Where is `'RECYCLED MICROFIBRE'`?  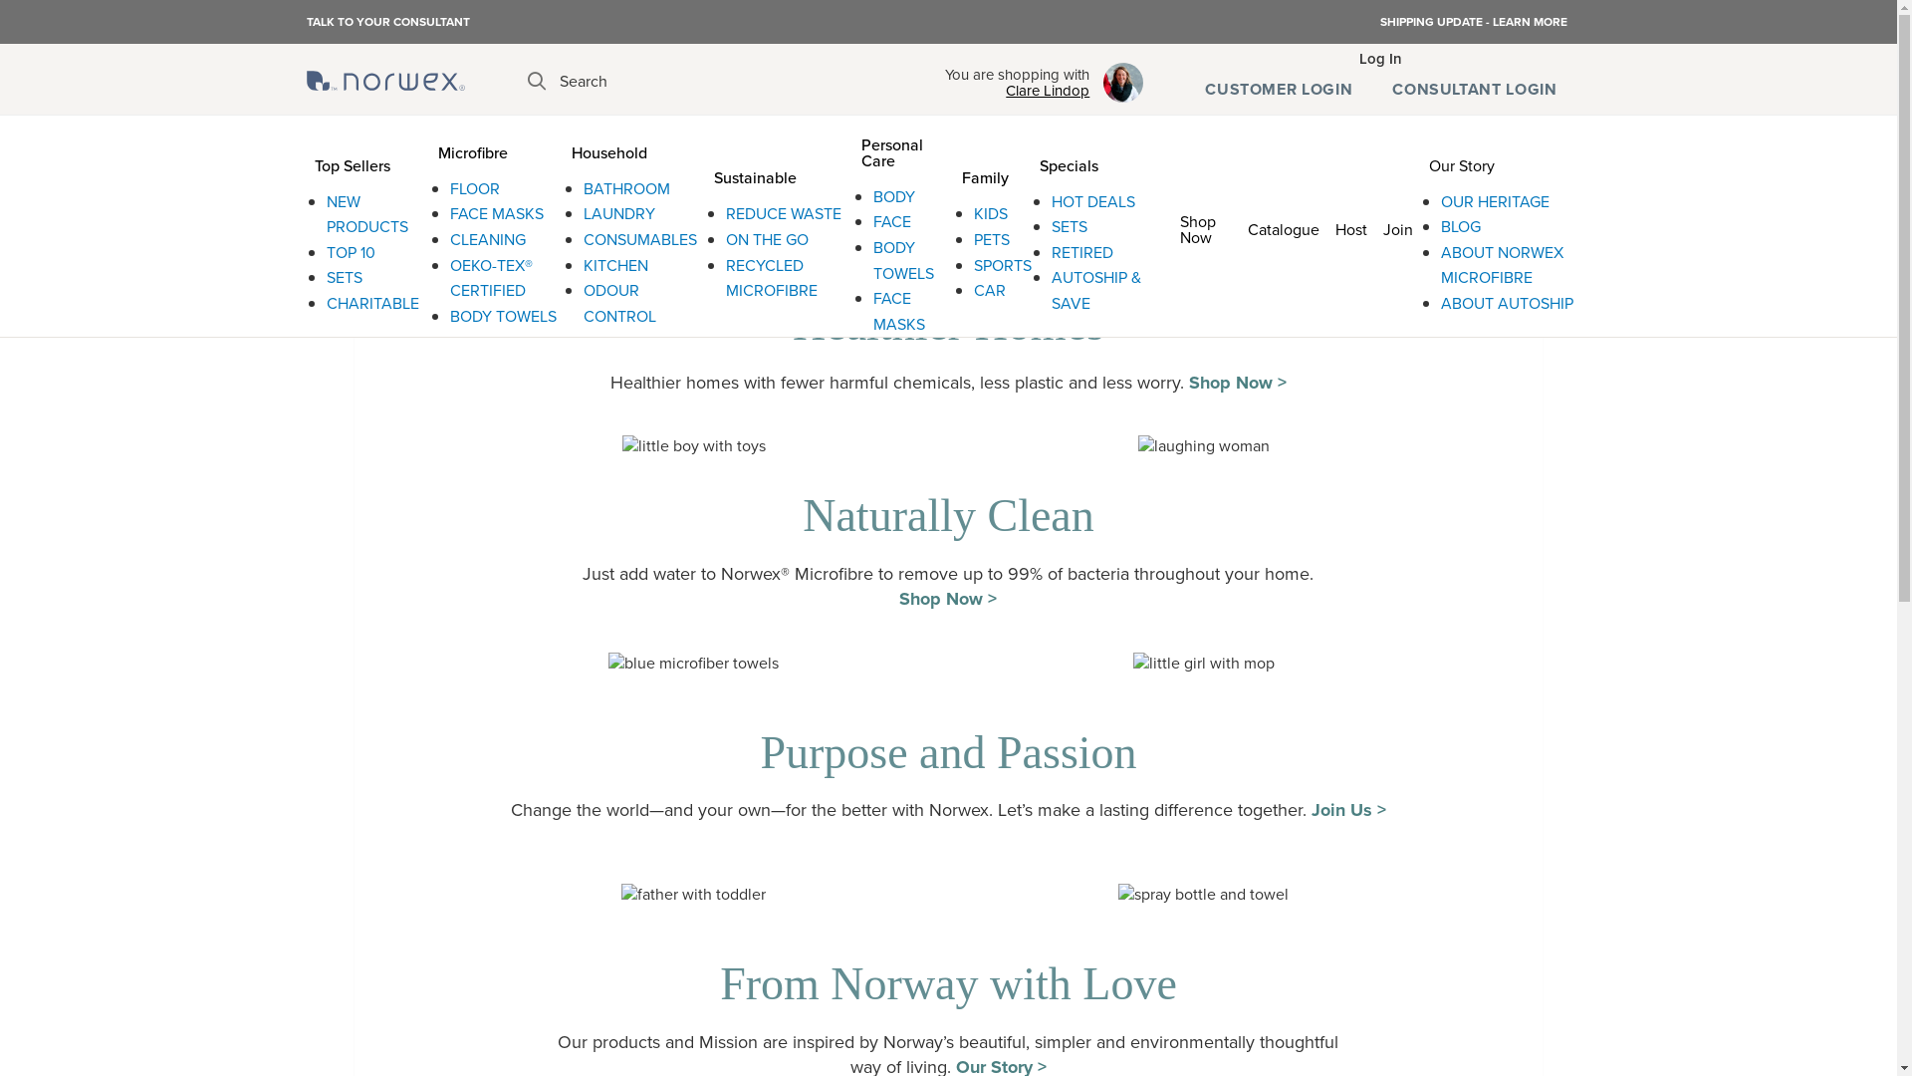 'RECYCLED MICROFIBRE' is located at coordinates (770, 278).